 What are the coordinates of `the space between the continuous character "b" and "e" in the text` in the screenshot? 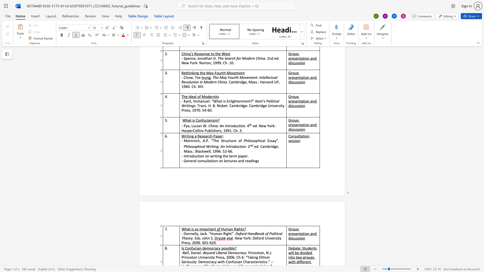 It's located at (221, 253).